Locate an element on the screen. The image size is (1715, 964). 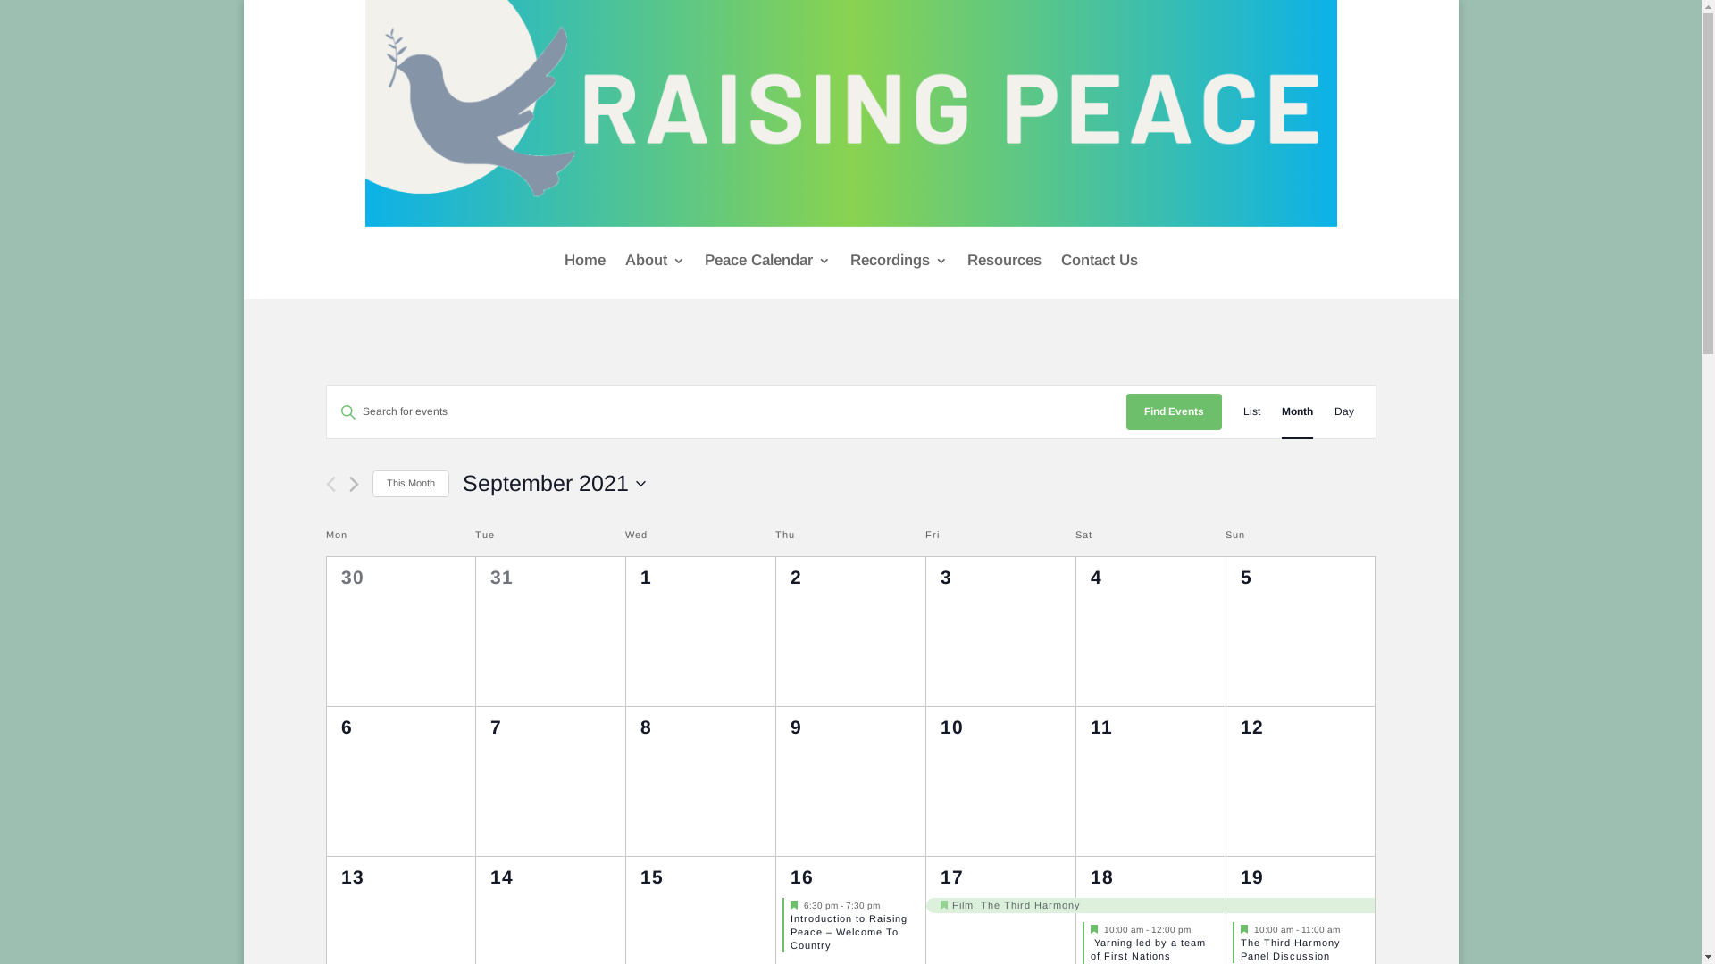
'Resources' is located at coordinates (1003, 261).